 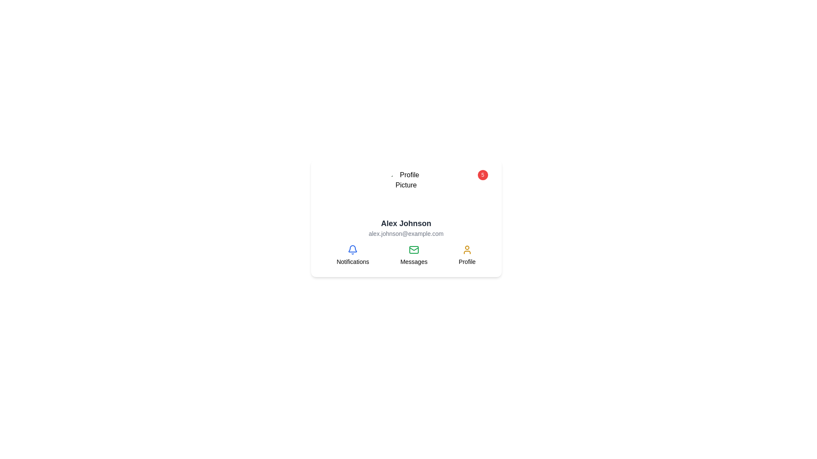 I want to click on the SVG graphical shape representing the 'Messages' icon, which is located in the middle slot of a row containing three icons, below the user's name and email address, so click(x=414, y=249).